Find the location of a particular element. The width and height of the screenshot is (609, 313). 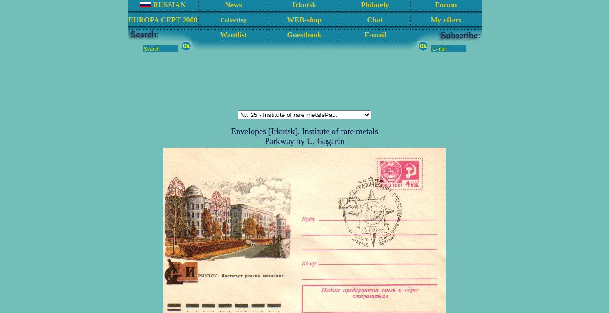

'Chat' is located at coordinates (374, 19).